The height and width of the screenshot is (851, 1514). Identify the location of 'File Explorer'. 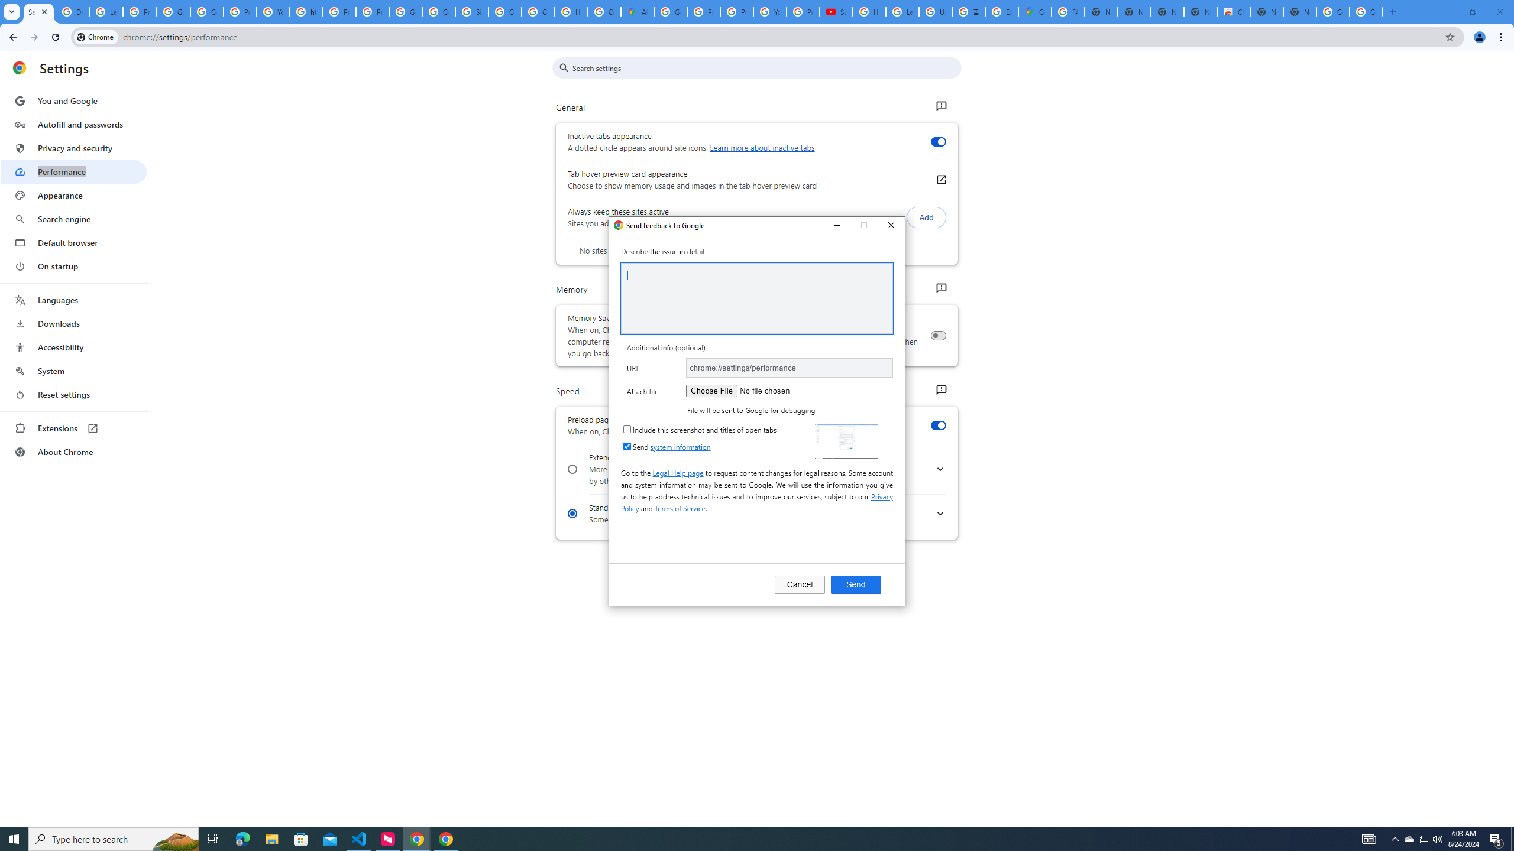
(271, 838).